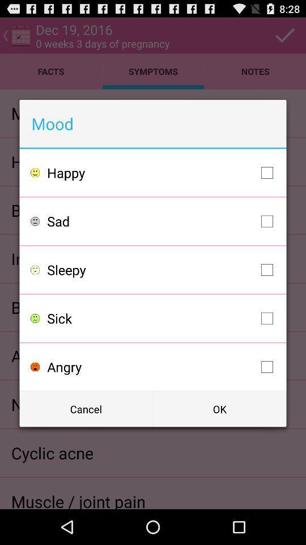 This screenshot has width=306, height=545. Describe the element at coordinates (162, 318) in the screenshot. I see `the sick item` at that location.